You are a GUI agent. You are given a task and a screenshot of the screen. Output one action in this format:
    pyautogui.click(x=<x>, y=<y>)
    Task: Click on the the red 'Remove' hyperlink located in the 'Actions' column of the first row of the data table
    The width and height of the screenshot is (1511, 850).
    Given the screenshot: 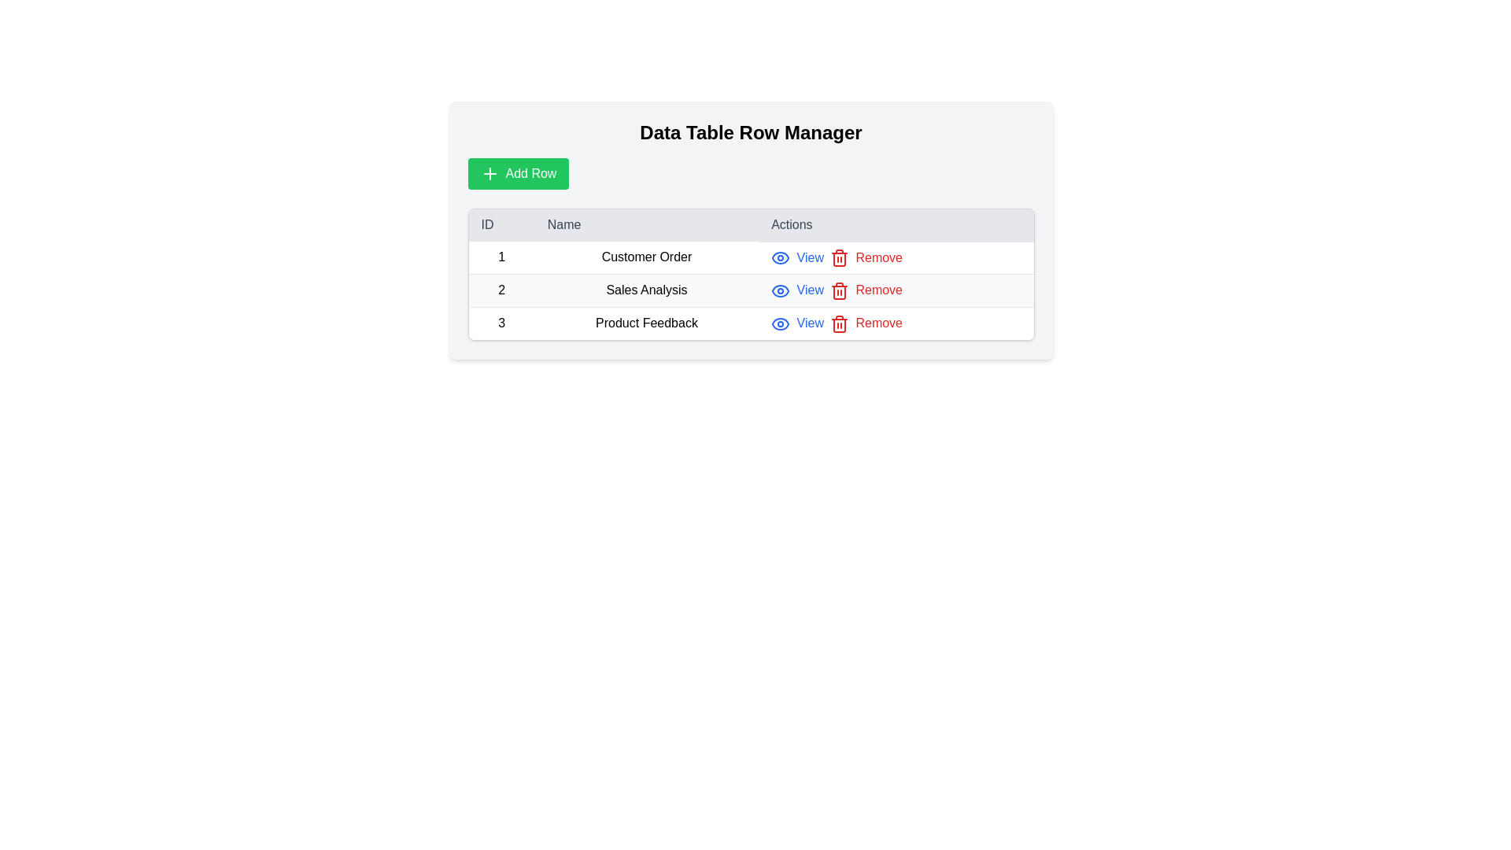 What is the action you would take?
    pyautogui.click(x=865, y=257)
    